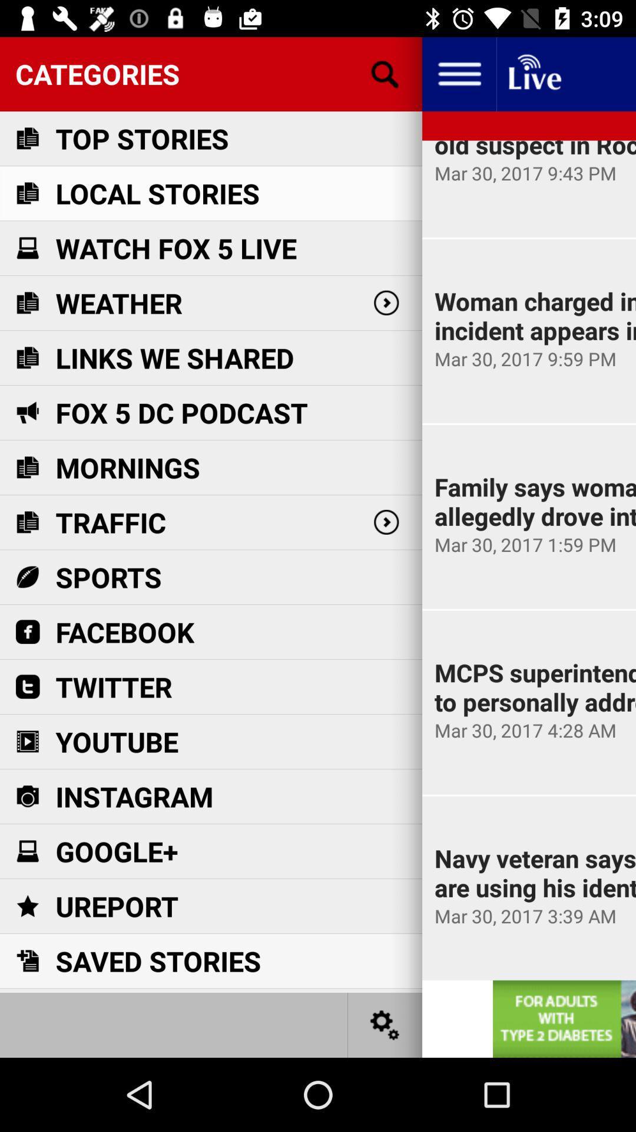 The height and width of the screenshot is (1132, 636). I want to click on live, so click(534, 73).